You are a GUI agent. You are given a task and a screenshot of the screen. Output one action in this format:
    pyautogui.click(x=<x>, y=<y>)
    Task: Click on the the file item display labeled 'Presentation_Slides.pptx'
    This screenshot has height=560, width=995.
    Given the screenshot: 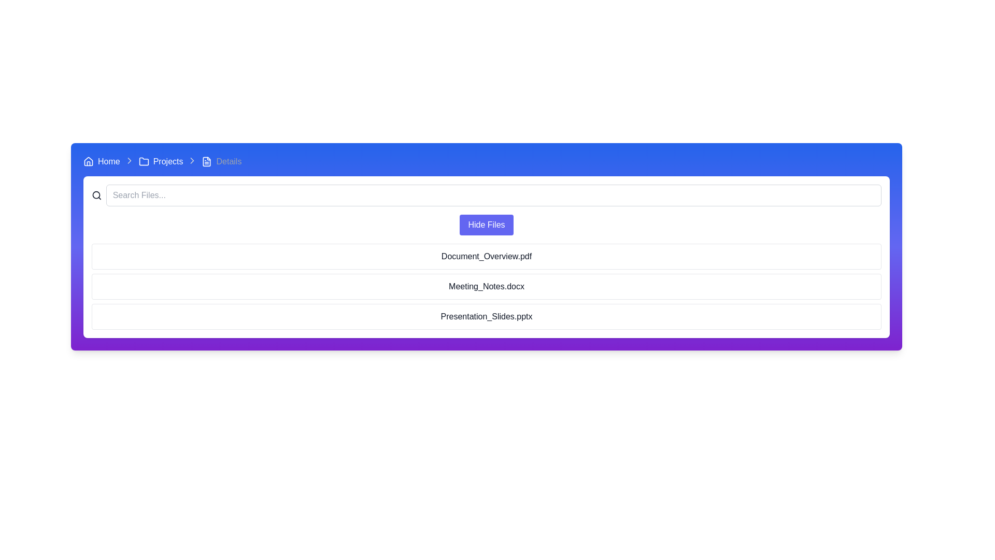 What is the action you would take?
    pyautogui.click(x=486, y=316)
    